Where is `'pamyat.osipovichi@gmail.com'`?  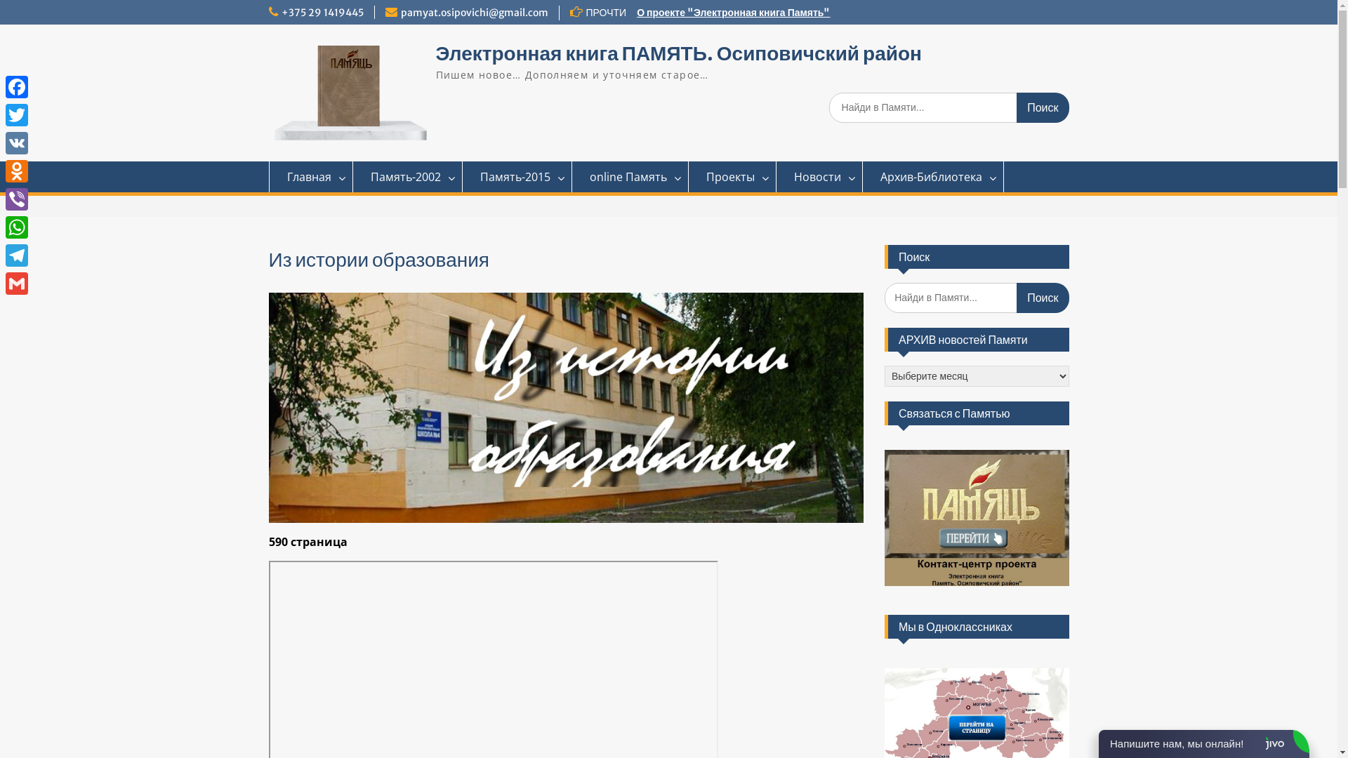
'pamyat.osipovichi@gmail.com' is located at coordinates (474, 13).